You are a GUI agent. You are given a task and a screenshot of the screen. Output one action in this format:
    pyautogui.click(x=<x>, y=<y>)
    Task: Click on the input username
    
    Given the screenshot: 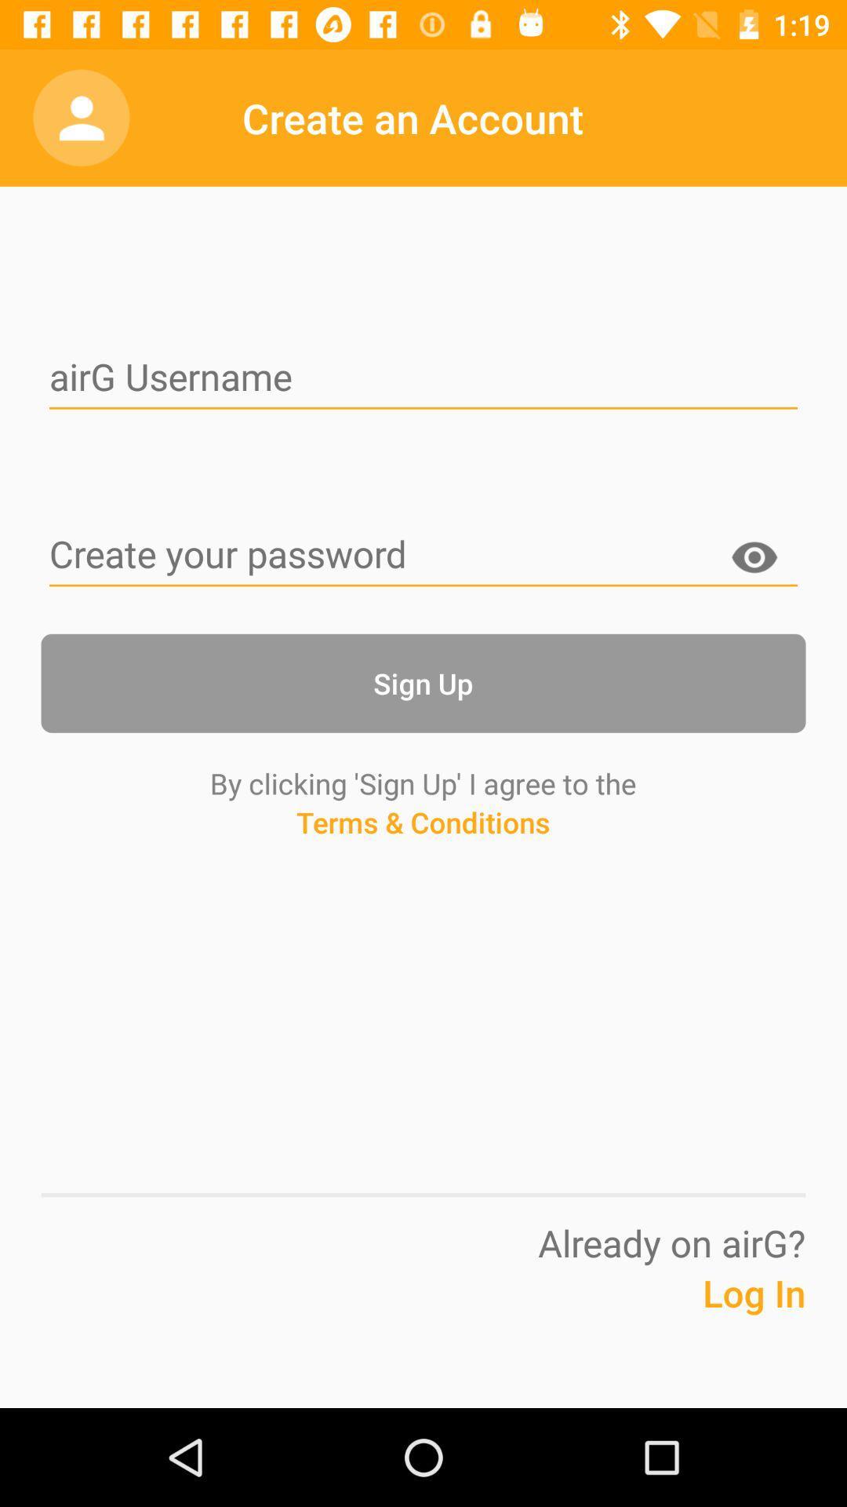 What is the action you would take?
    pyautogui.click(x=423, y=379)
    